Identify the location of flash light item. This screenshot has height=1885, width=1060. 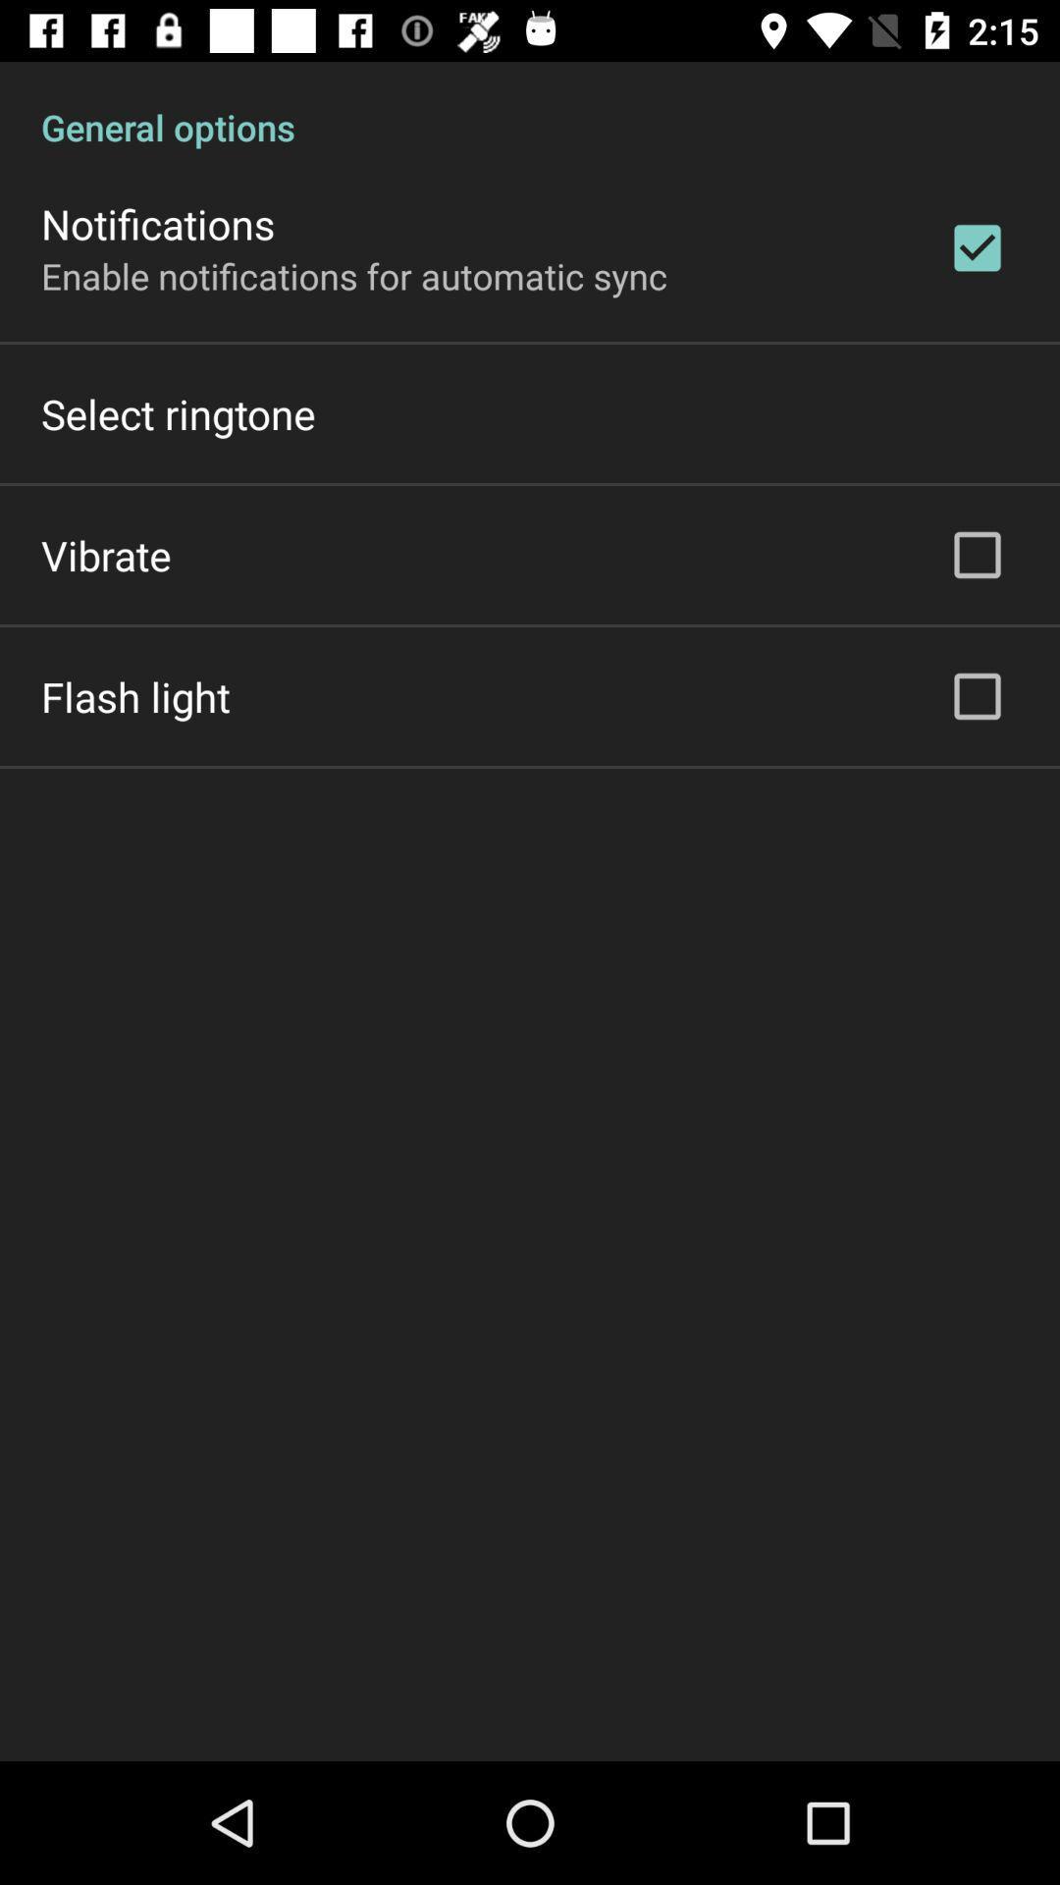
(134, 696).